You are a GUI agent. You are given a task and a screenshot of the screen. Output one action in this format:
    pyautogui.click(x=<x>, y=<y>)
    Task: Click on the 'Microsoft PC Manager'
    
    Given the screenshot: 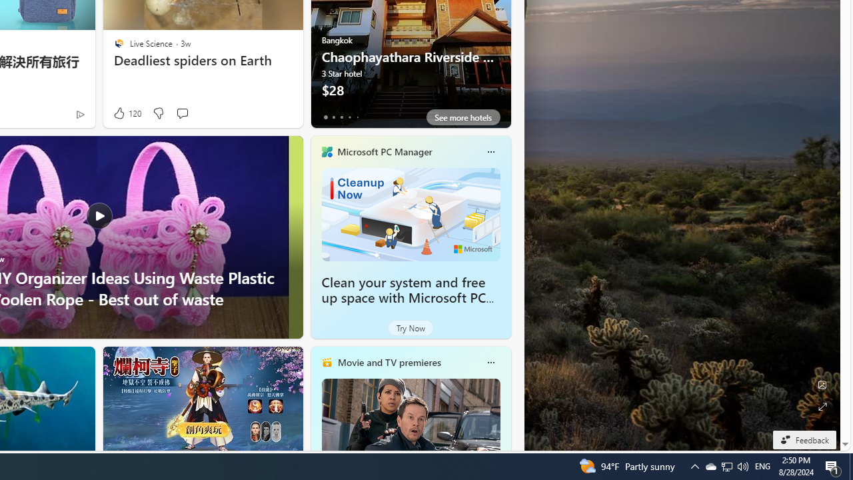 What is the action you would take?
    pyautogui.click(x=384, y=151)
    